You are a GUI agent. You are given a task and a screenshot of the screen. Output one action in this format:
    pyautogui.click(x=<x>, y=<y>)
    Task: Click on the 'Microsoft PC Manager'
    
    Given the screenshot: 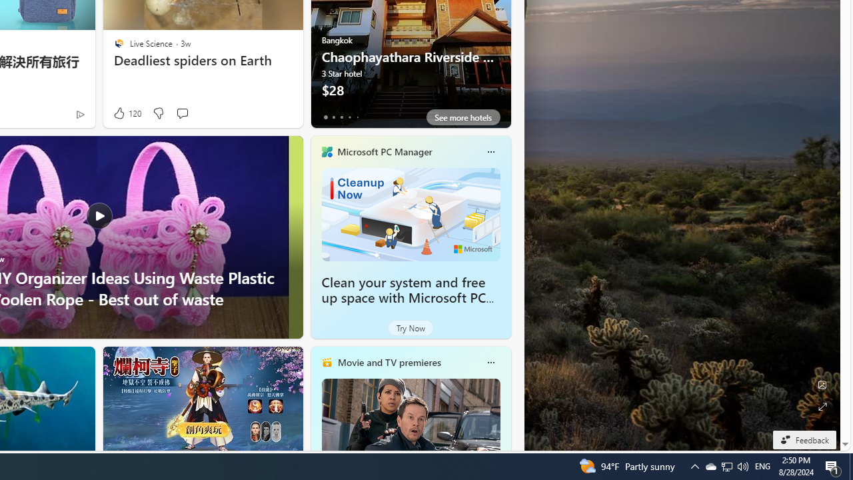 What is the action you would take?
    pyautogui.click(x=384, y=151)
    